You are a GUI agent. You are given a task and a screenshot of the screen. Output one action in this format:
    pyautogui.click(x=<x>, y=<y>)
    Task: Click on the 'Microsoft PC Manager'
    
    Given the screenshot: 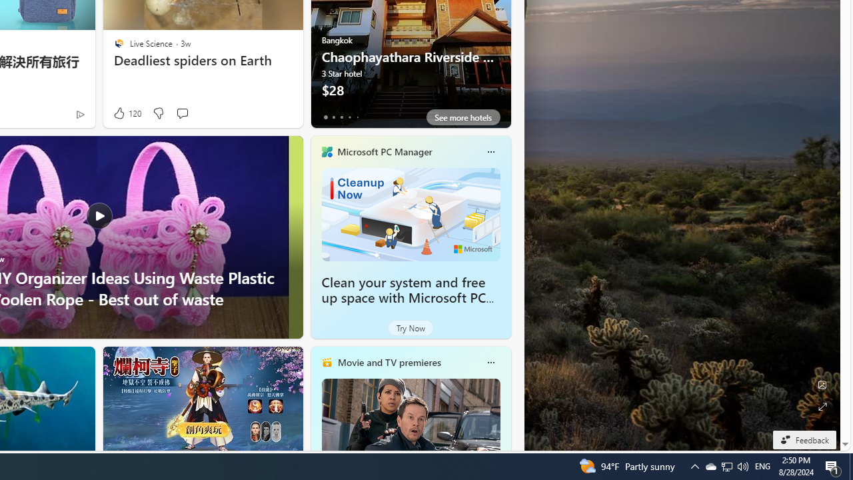 What is the action you would take?
    pyautogui.click(x=384, y=151)
    